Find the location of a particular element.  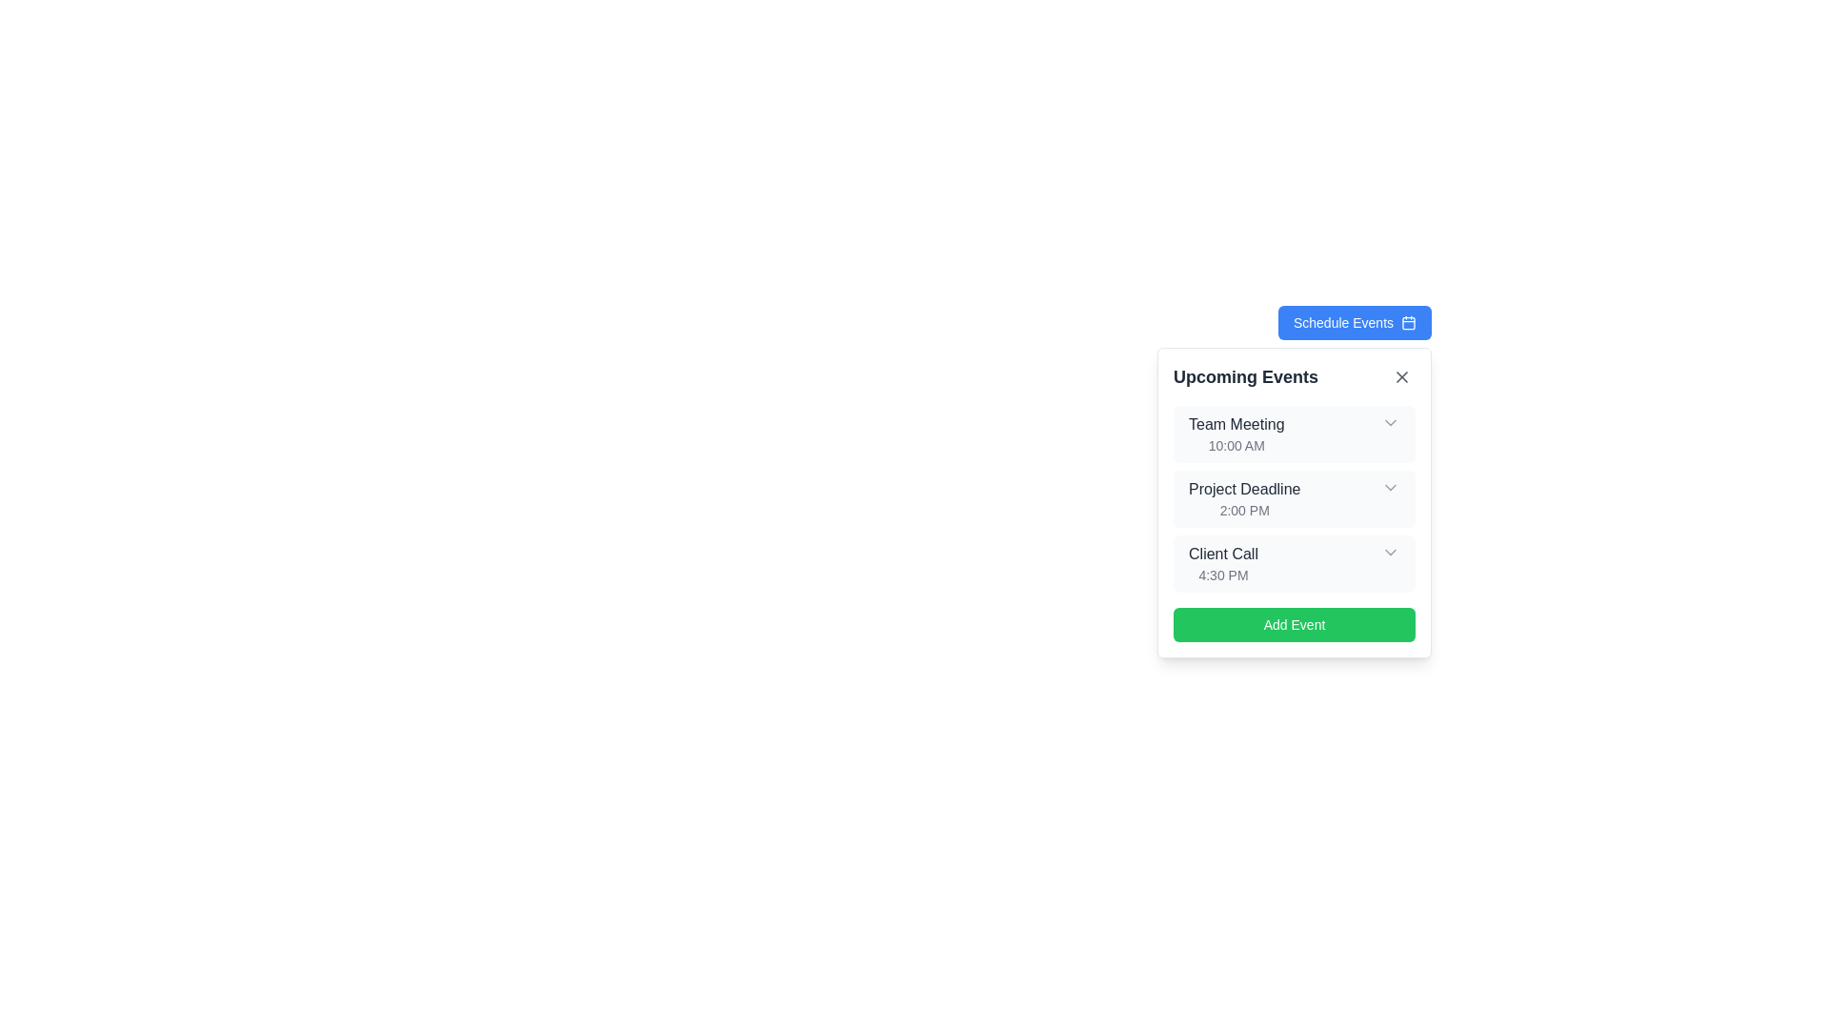

the 'Add Event' button located at the bottom of the 'Upcoming Events' section, which has a green background and displays the text 'Add Event' in white is located at coordinates (1294, 624).